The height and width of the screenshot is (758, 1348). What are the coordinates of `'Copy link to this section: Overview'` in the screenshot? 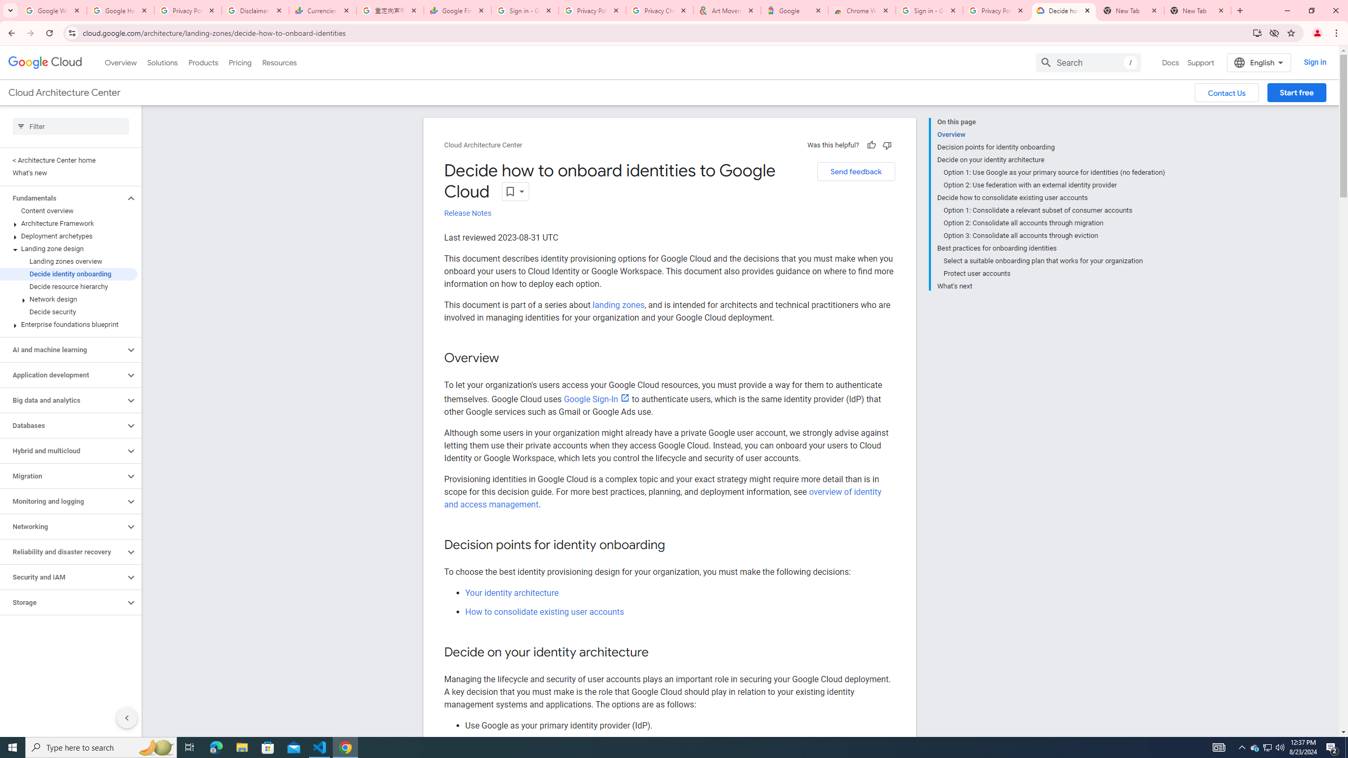 It's located at (509, 358).